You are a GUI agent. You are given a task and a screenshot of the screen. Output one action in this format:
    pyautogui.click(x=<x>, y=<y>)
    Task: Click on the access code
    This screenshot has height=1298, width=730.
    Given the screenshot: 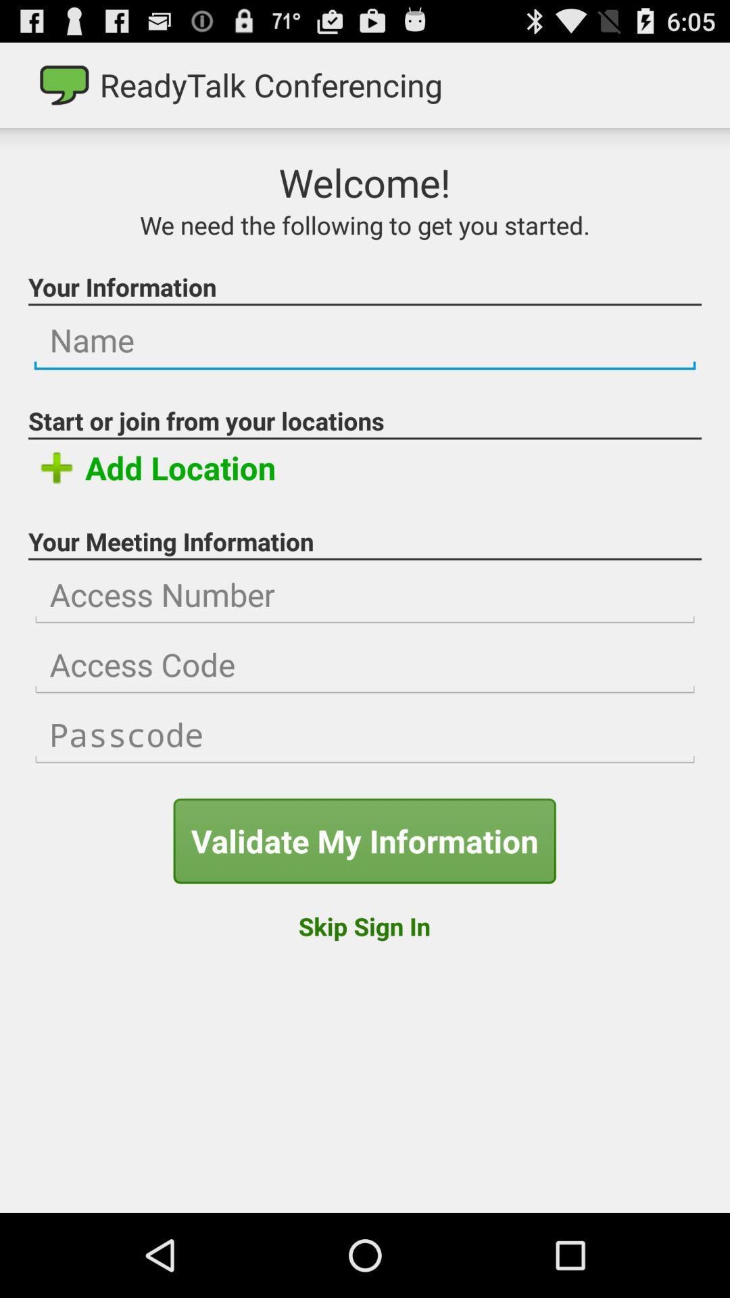 What is the action you would take?
    pyautogui.click(x=365, y=665)
    